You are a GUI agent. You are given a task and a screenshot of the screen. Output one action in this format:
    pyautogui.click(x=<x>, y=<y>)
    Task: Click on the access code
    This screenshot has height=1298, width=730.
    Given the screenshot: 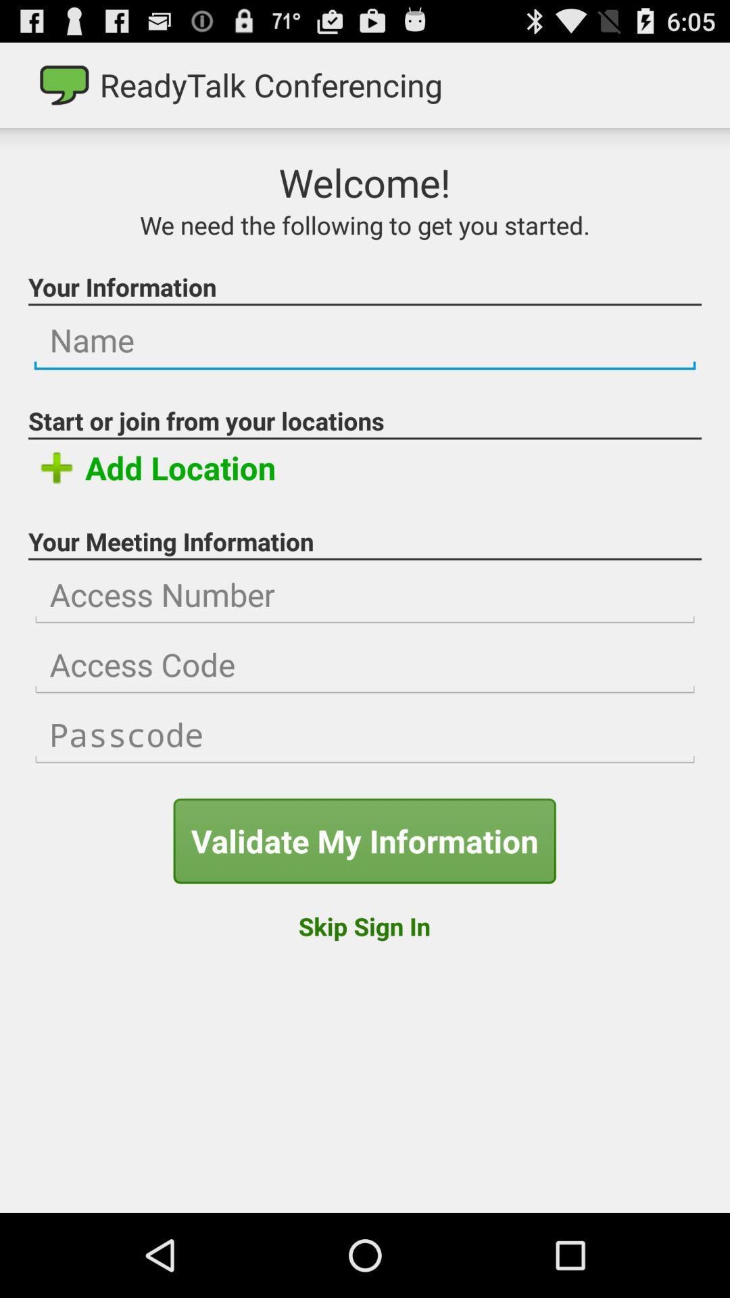 What is the action you would take?
    pyautogui.click(x=365, y=665)
    